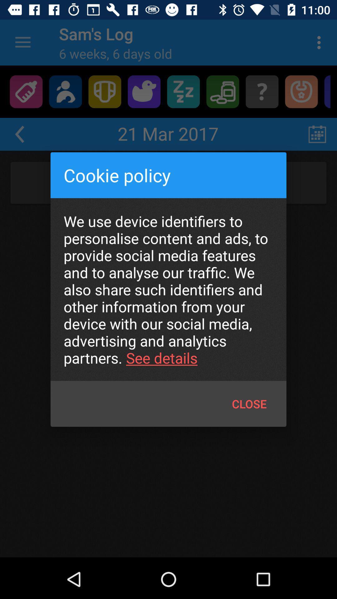  Describe the element at coordinates (249, 404) in the screenshot. I see `the item at the bottom right corner` at that location.